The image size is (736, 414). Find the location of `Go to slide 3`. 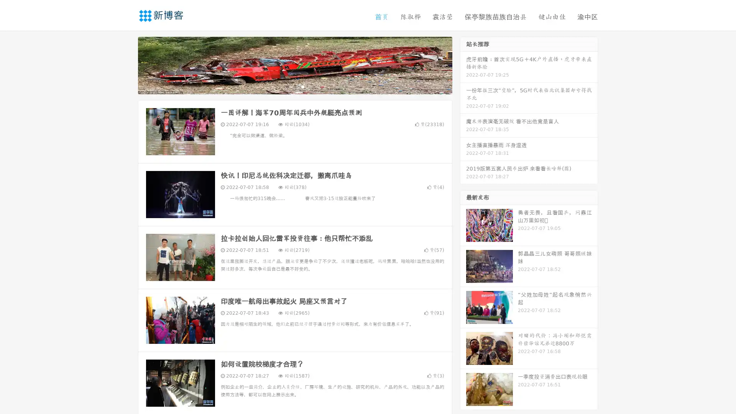

Go to slide 3 is located at coordinates (302, 86).